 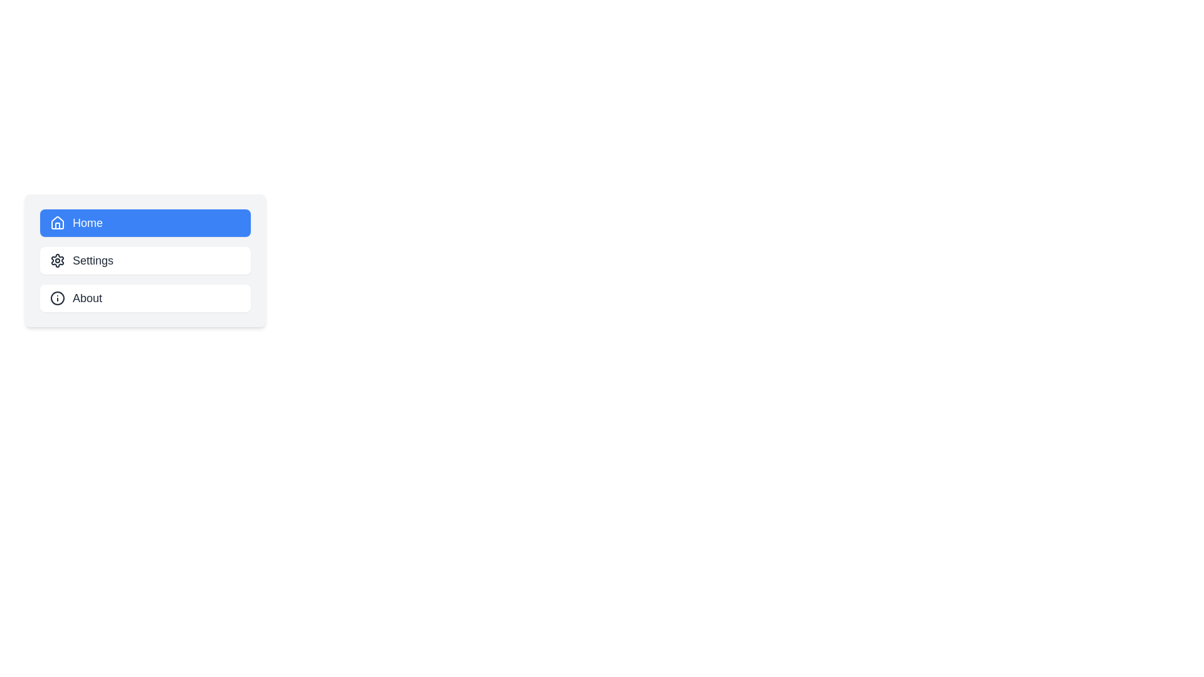 I want to click on the 'About' label text, which is positioned to the right of the information icon within the button below the 'Settings' button, so click(x=87, y=298).